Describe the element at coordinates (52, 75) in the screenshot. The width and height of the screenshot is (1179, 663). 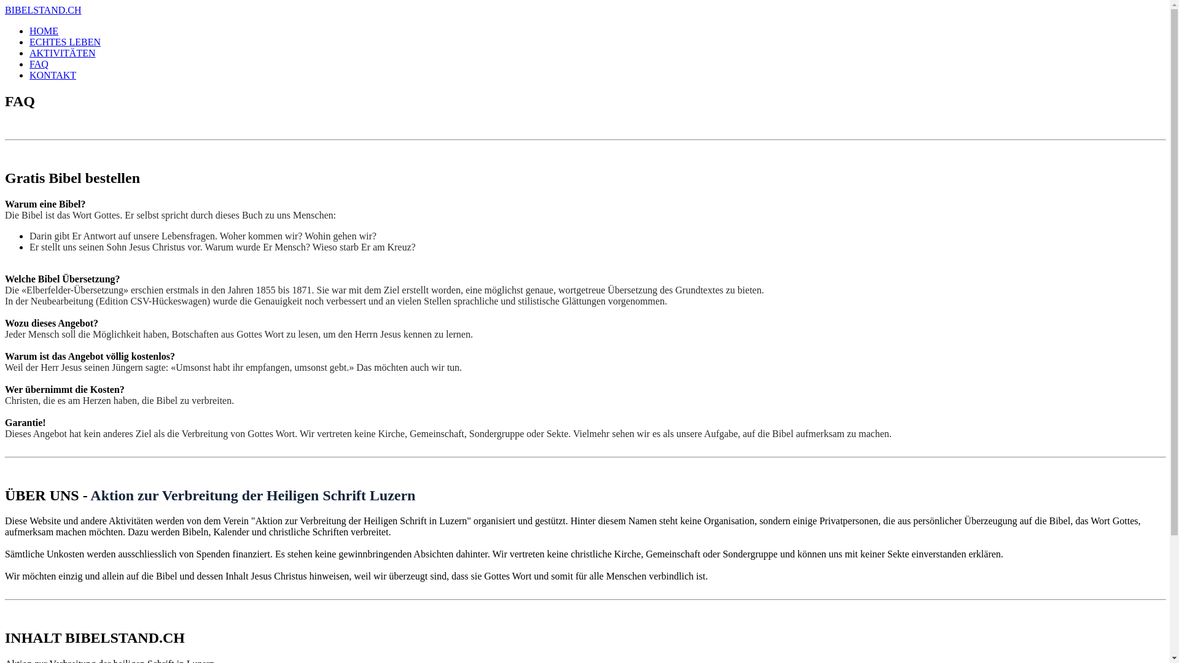
I see `'KONTAKT'` at that location.